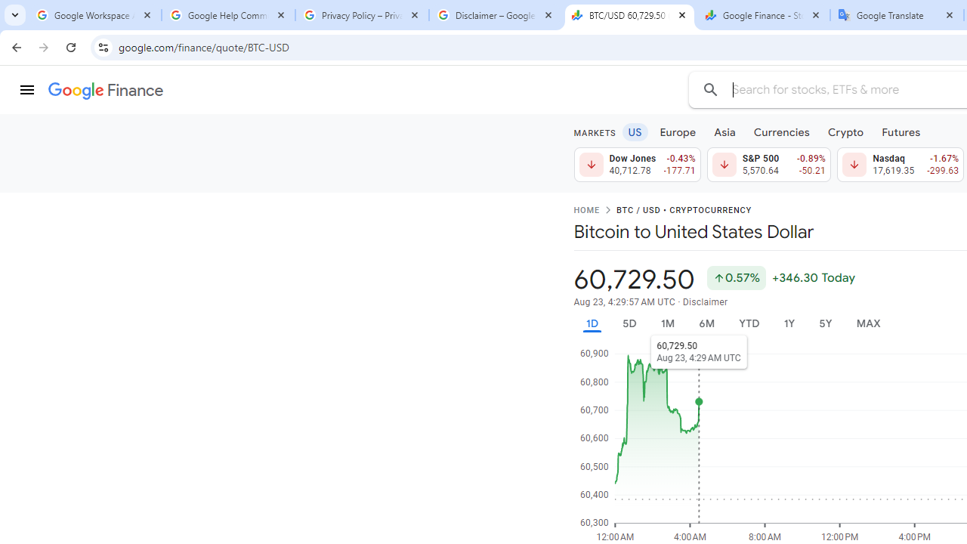  Describe the element at coordinates (666, 323) in the screenshot. I see `'1M'` at that location.